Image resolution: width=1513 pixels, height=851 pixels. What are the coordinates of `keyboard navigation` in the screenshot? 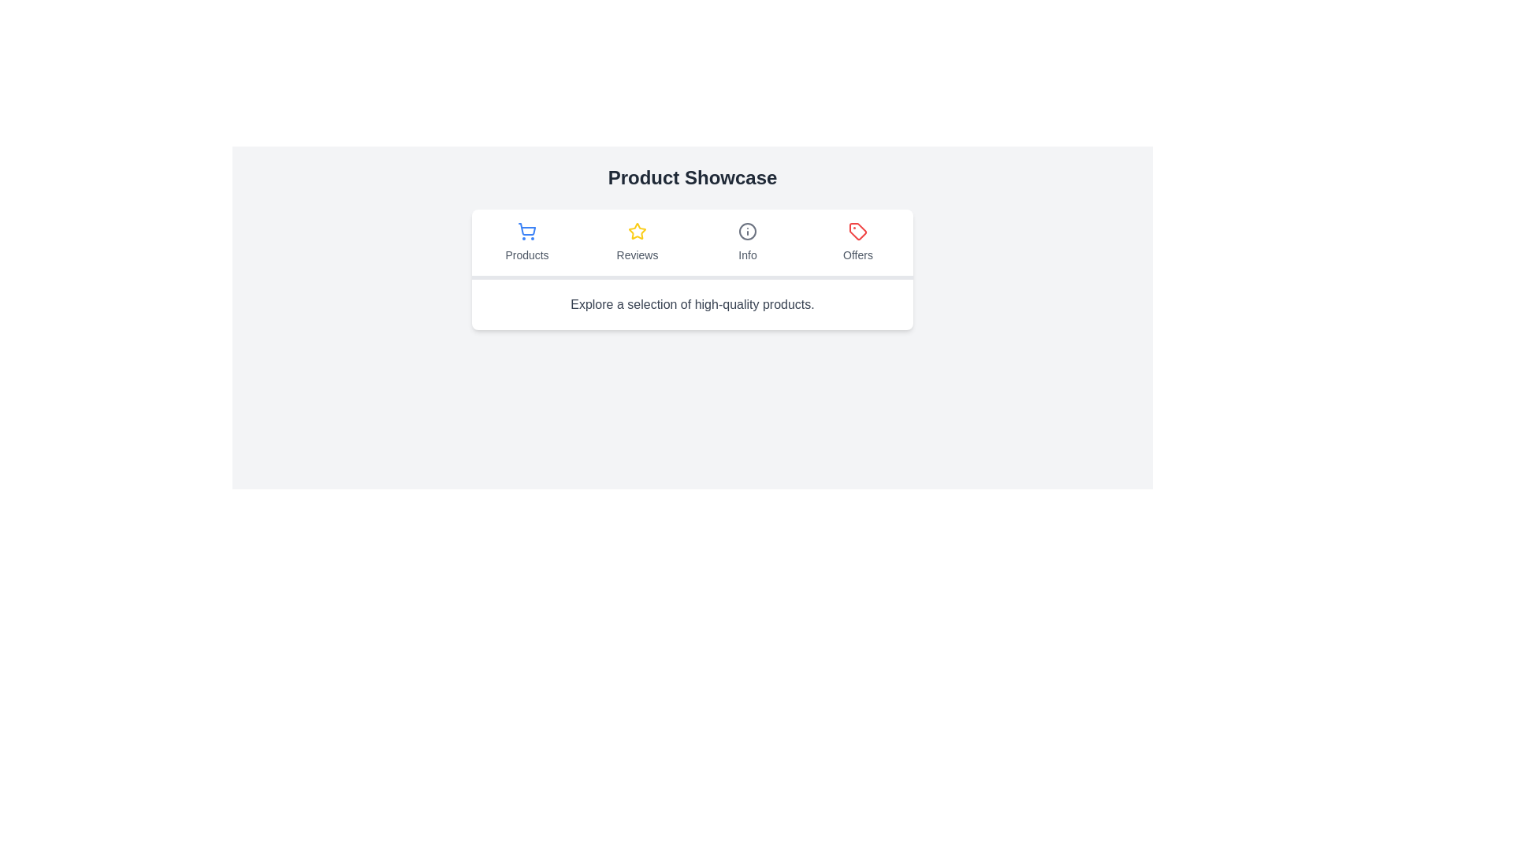 It's located at (638, 231).